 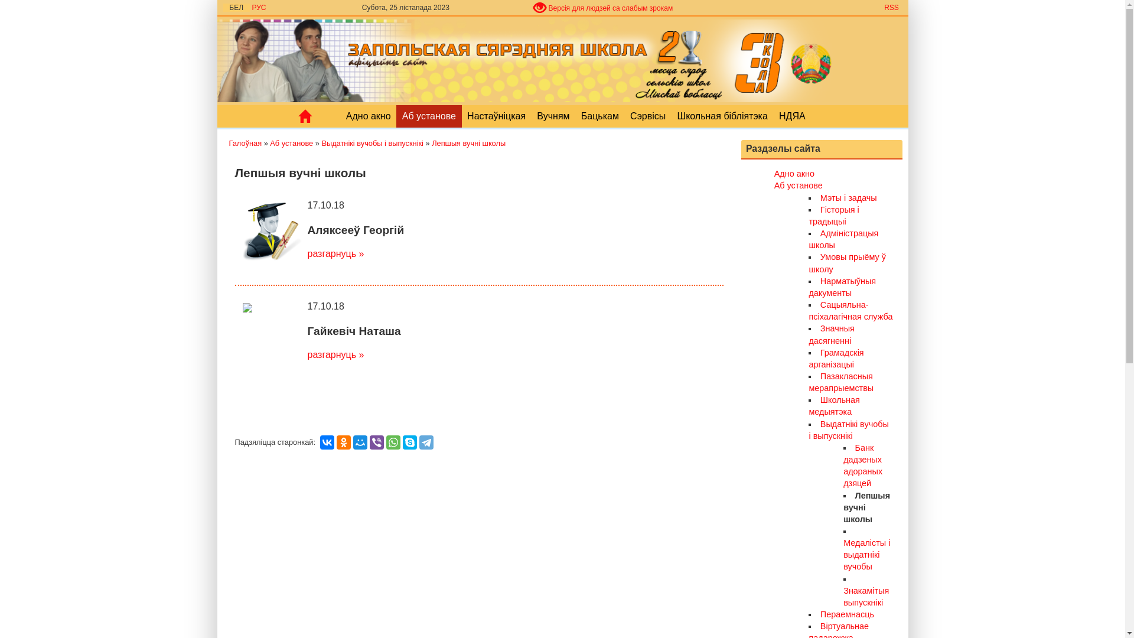 I want to click on 'Skype', so click(x=410, y=442).